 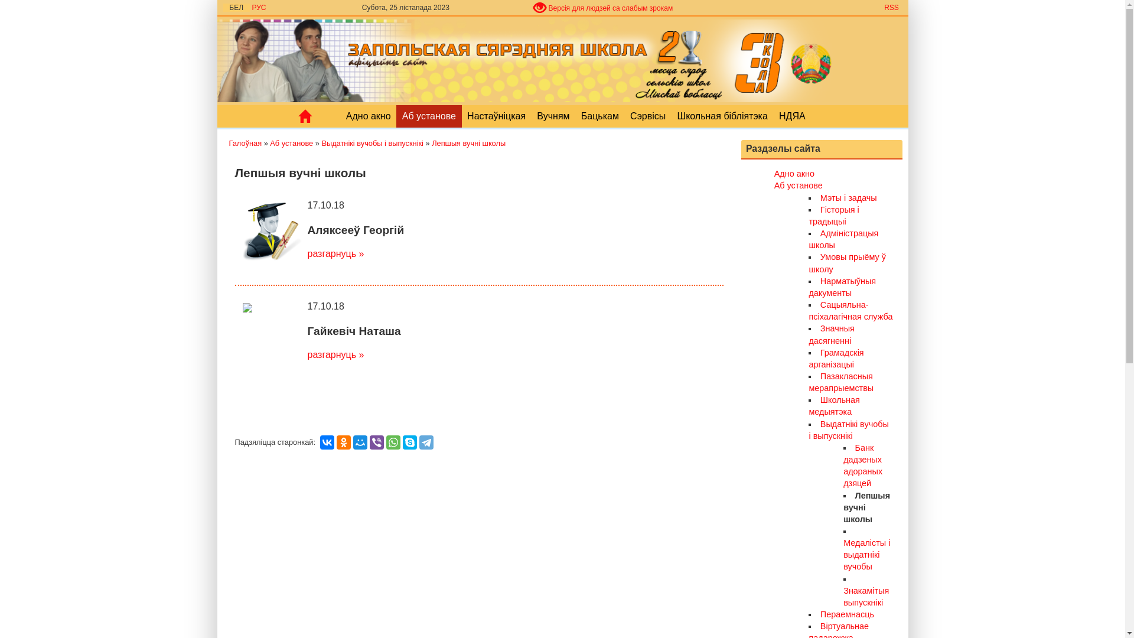 I want to click on 'Skype', so click(x=410, y=442).